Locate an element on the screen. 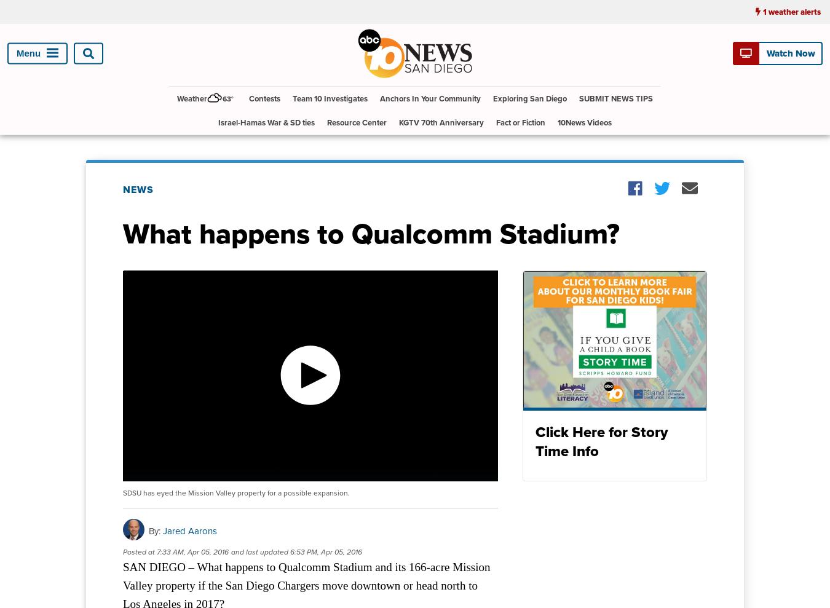 This screenshot has width=830, height=608. 'SUBMIT NEWS TIPS' is located at coordinates (615, 97).